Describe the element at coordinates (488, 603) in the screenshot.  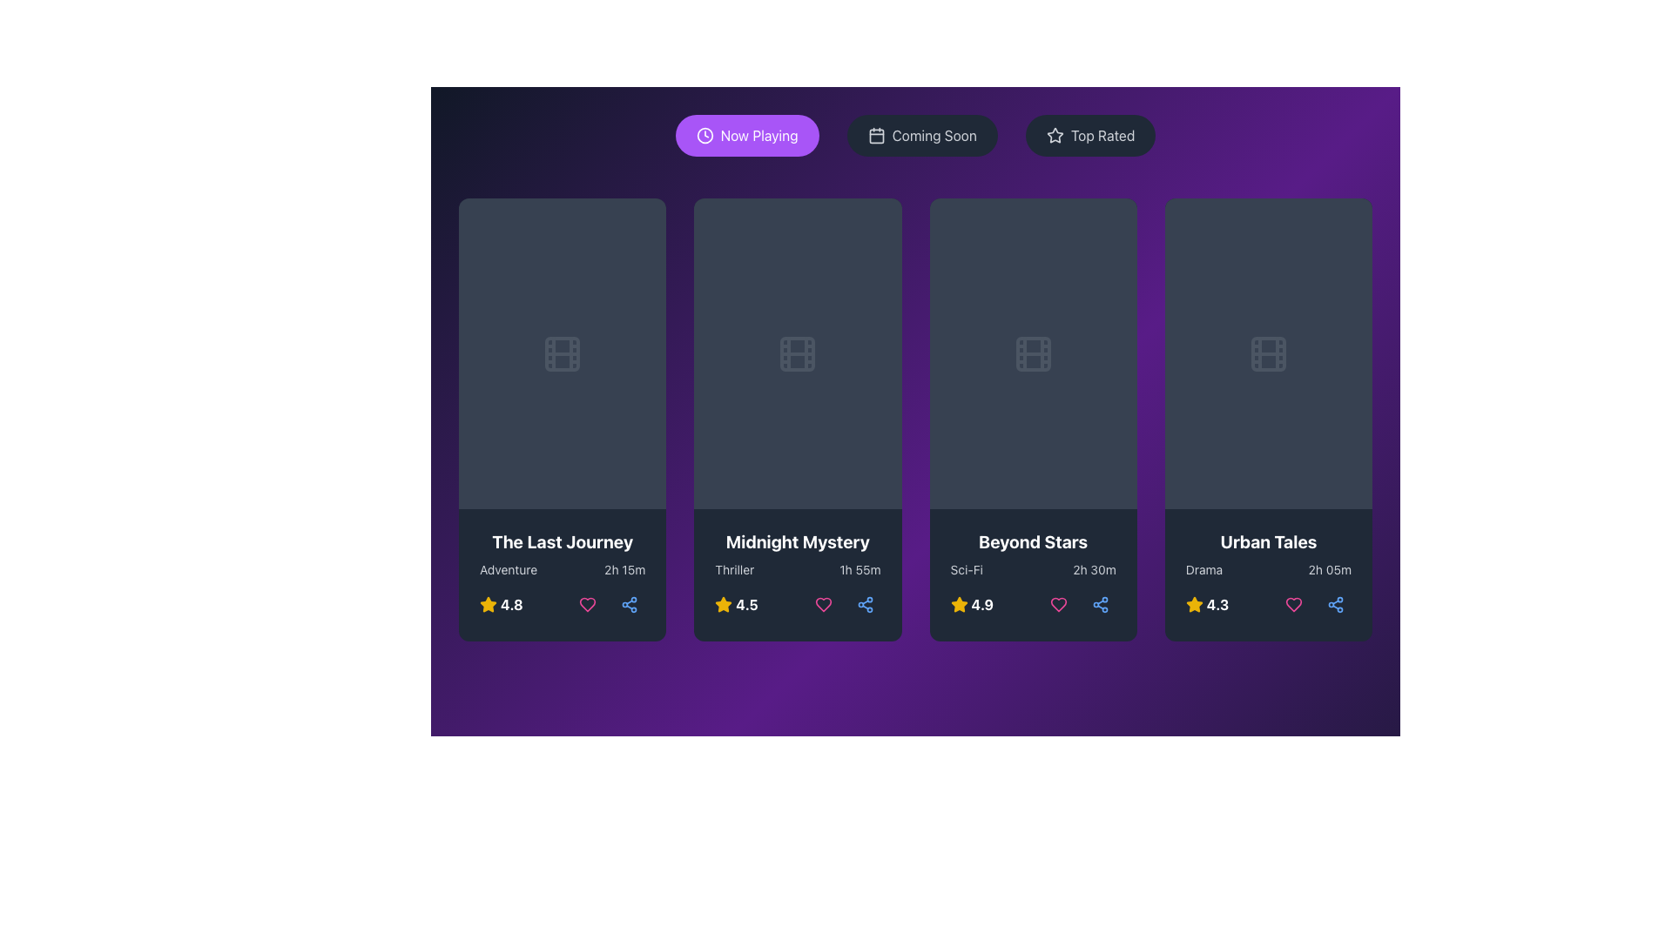
I see `the yellow star icon with a circular center, which is located underneath the second card from the left in a four-card horizontal layout, aligned with movie ratings` at that location.